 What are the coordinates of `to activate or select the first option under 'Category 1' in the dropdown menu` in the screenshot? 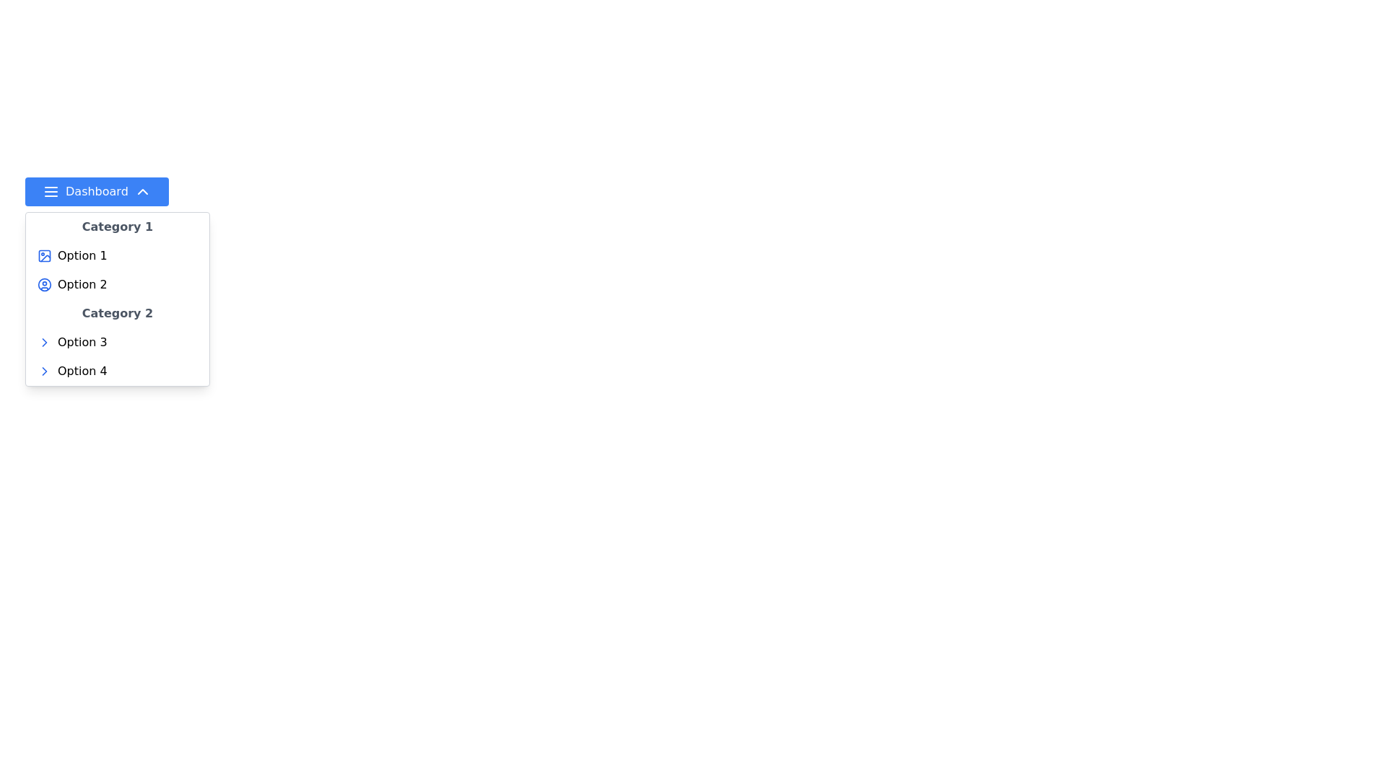 It's located at (118, 255).